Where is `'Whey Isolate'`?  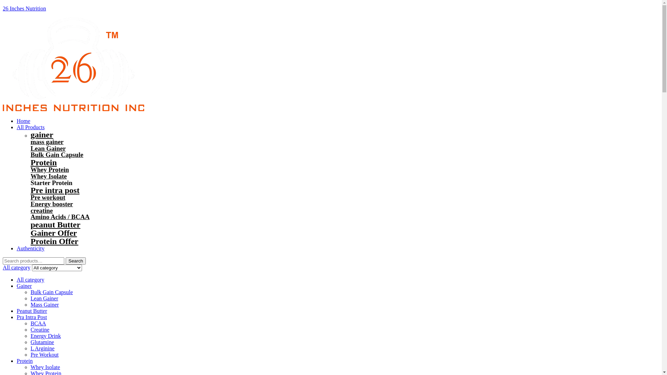 'Whey Isolate' is located at coordinates (30, 176).